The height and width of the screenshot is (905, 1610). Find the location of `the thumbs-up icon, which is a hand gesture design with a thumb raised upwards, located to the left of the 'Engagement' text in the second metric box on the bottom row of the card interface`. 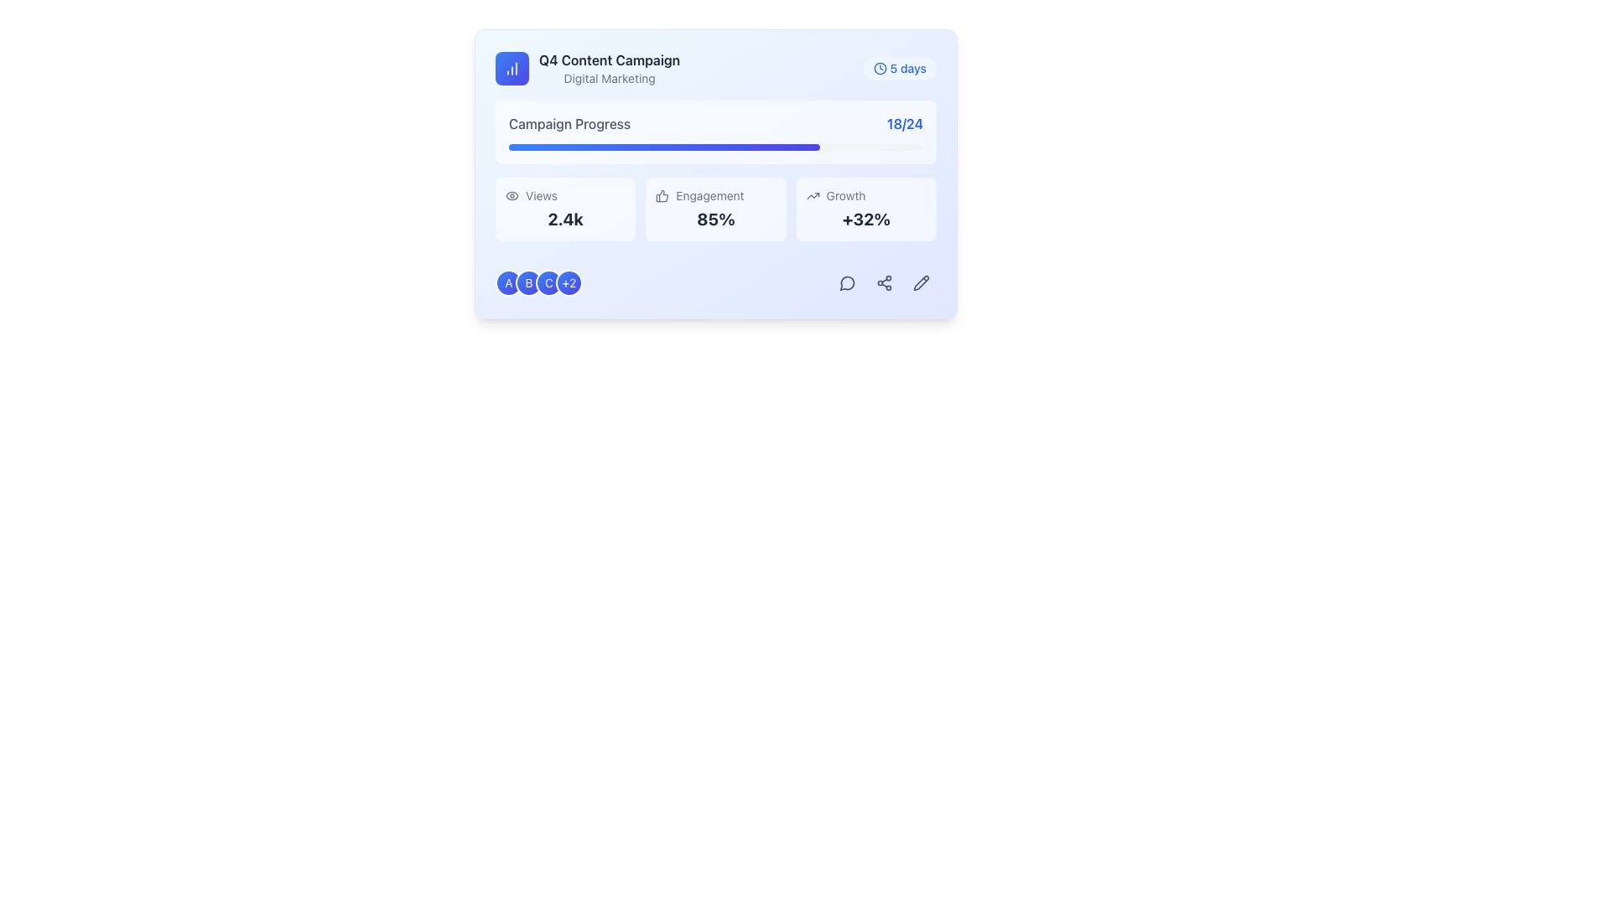

the thumbs-up icon, which is a hand gesture design with a thumb raised upwards, located to the left of the 'Engagement' text in the second metric box on the bottom row of the card interface is located at coordinates (662, 195).